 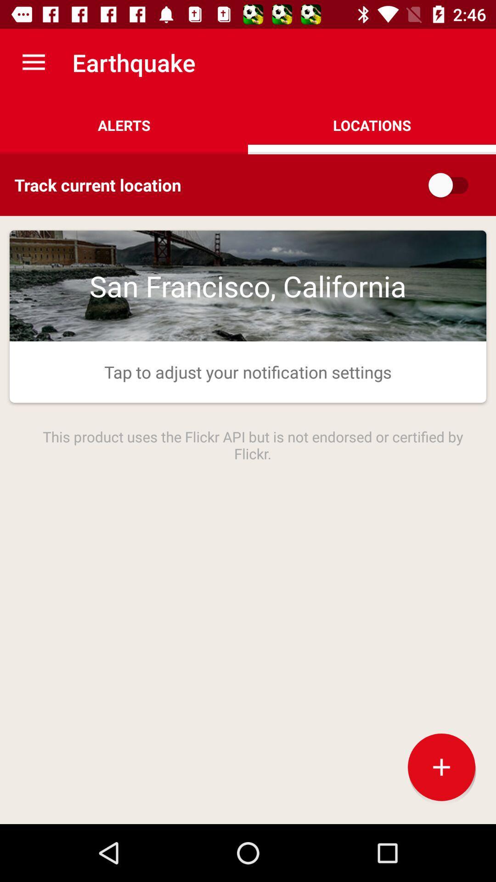 I want to click on the locations icon, so click(x=372, y=125).